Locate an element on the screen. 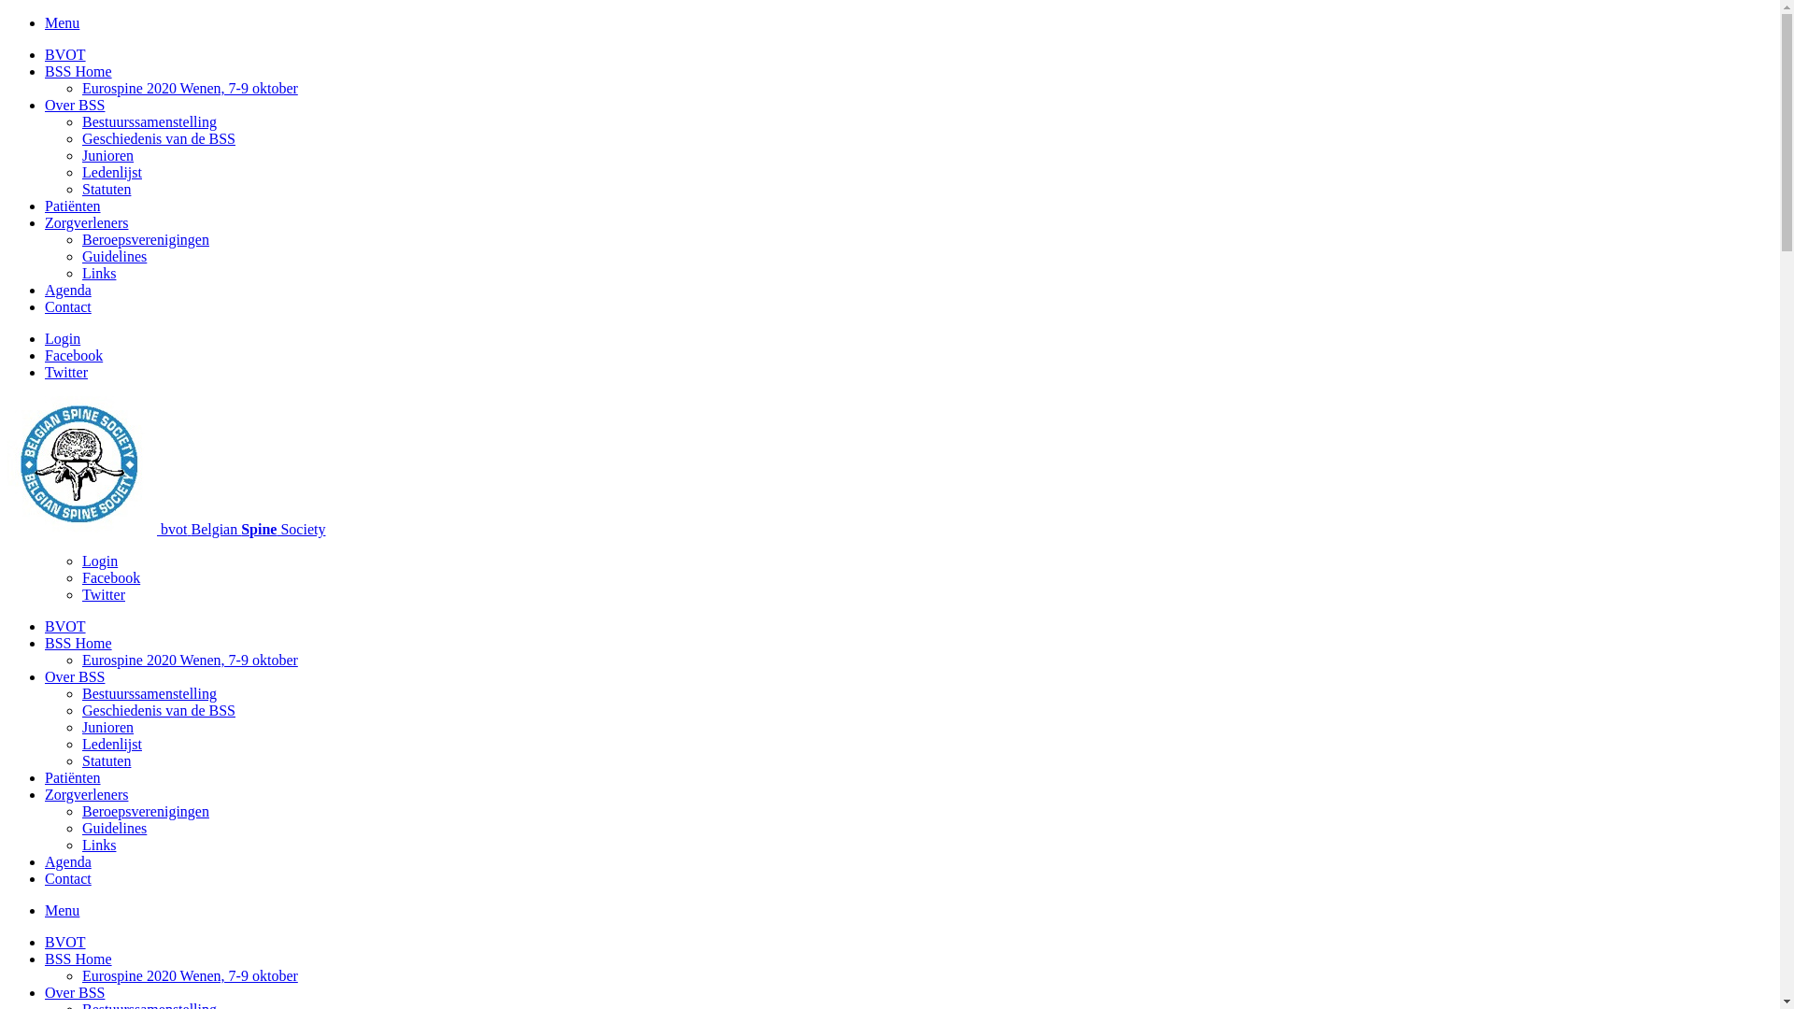  'Ledenlijst' is located at coordinates (111, 172).